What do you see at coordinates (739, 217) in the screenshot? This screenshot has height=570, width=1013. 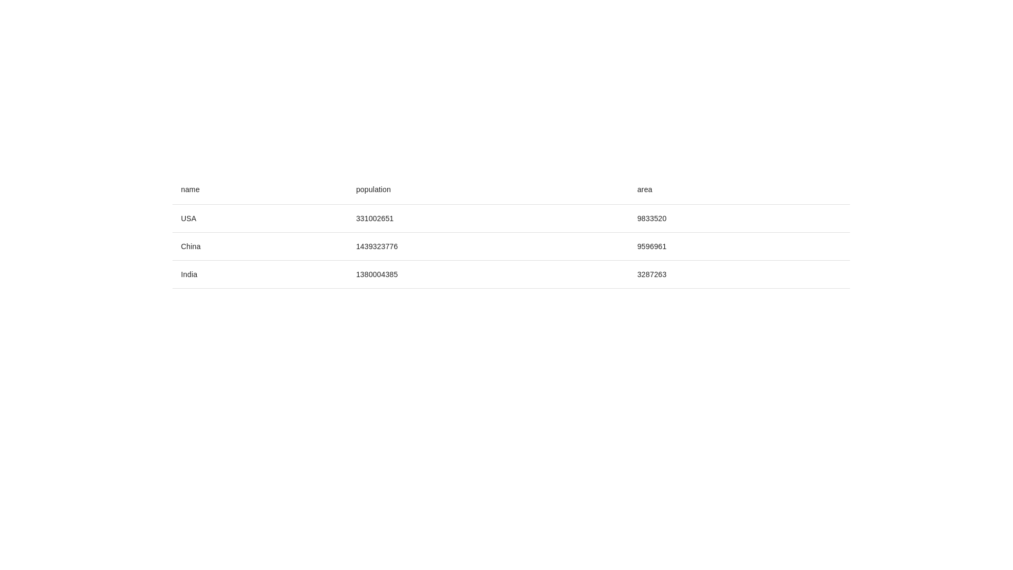 I see `numeric value '9833520' displayed in the third cell of the first data row under the 'area' column associated with the 'USA' entry` at bounding box center [739, 217].